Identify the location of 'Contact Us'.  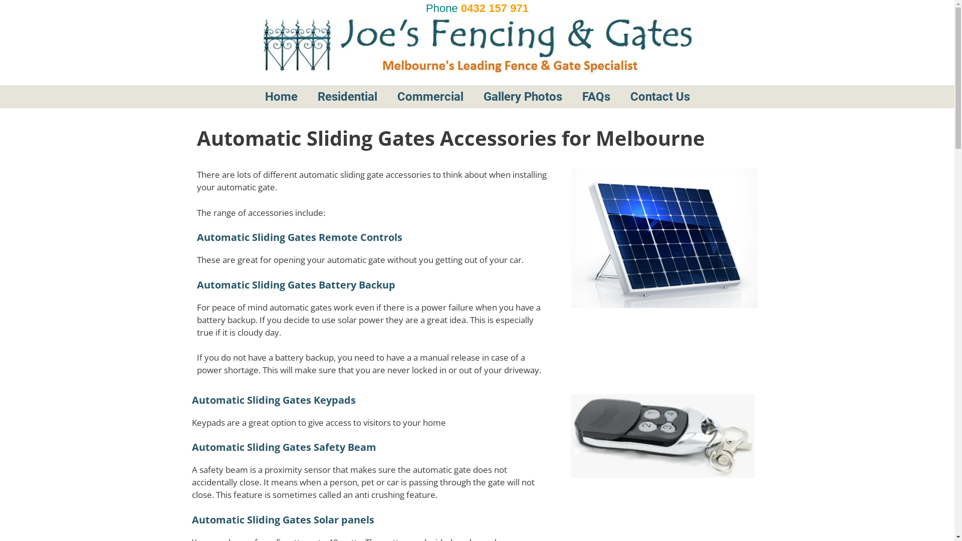
(660, 96).